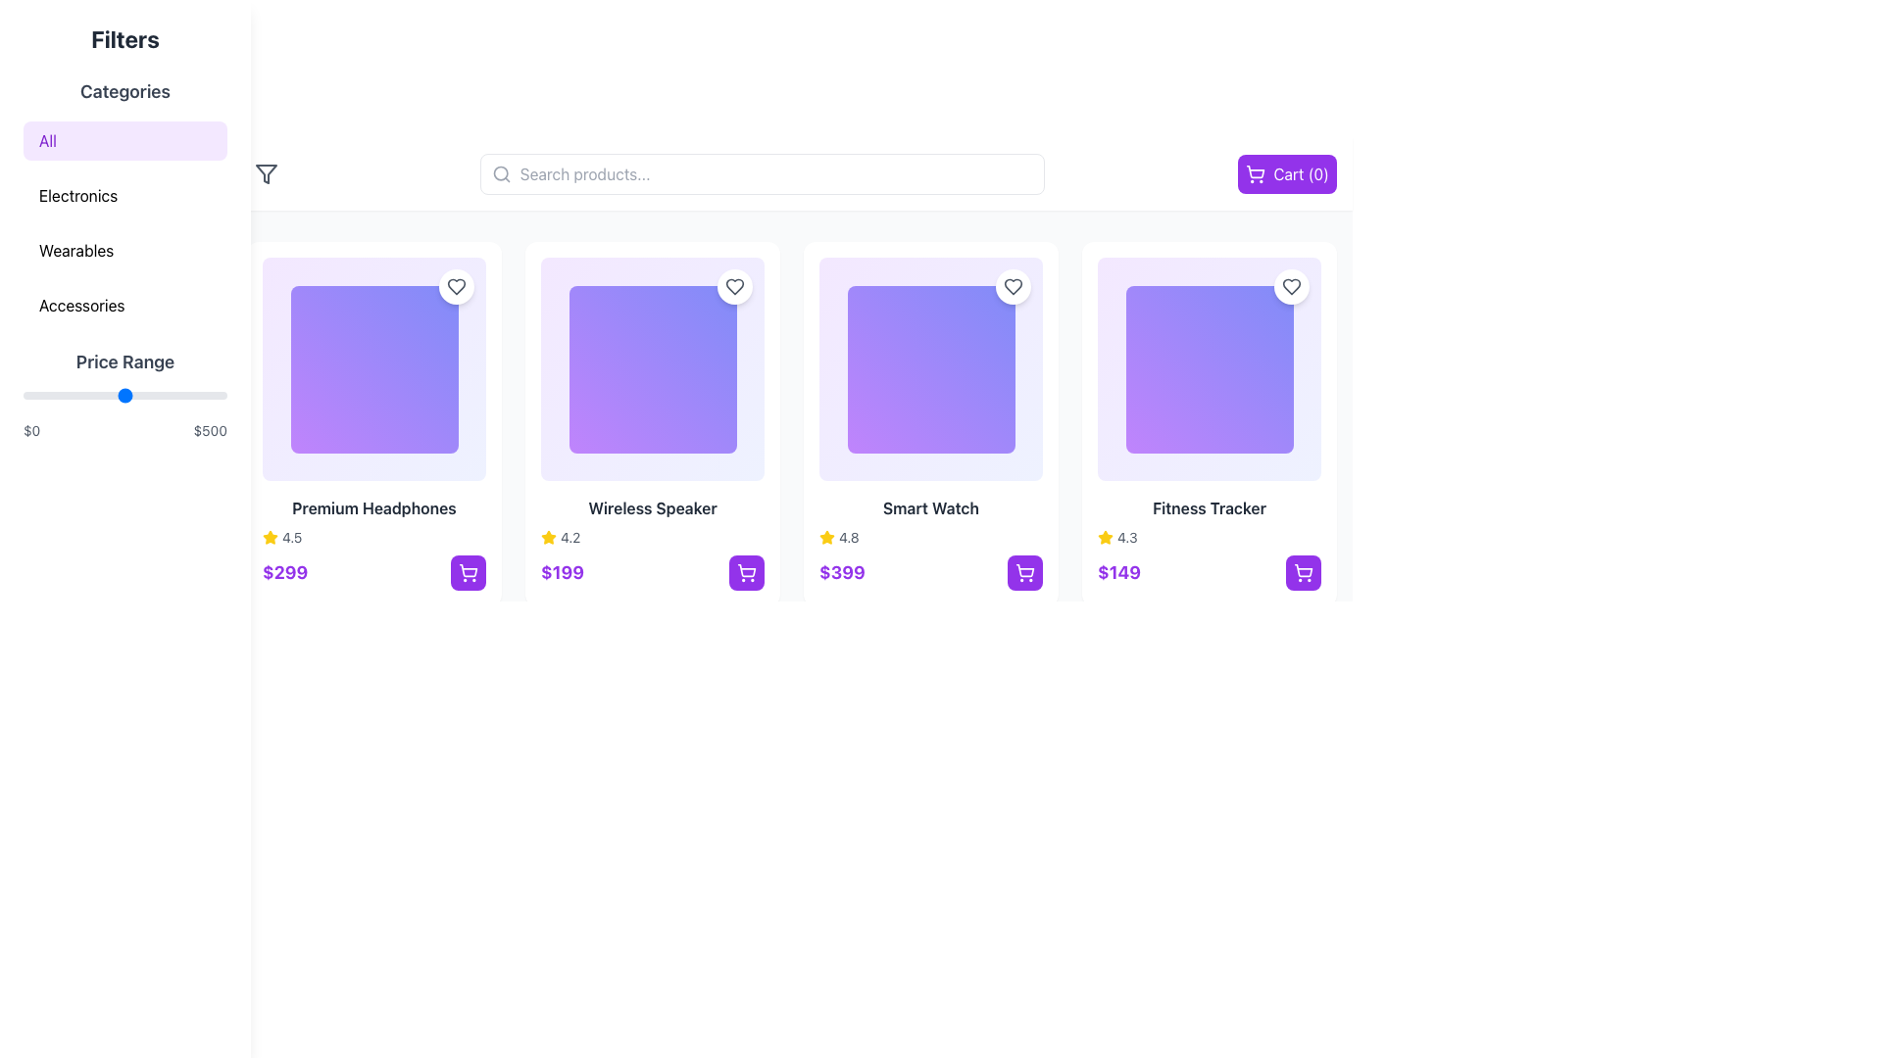  Describe the element at coordinates (500, 172) in the screenshot. I see `the circular decoration element of the magnifying glass icon, which is located at the top center-left of the interface near the search bar` at that location.